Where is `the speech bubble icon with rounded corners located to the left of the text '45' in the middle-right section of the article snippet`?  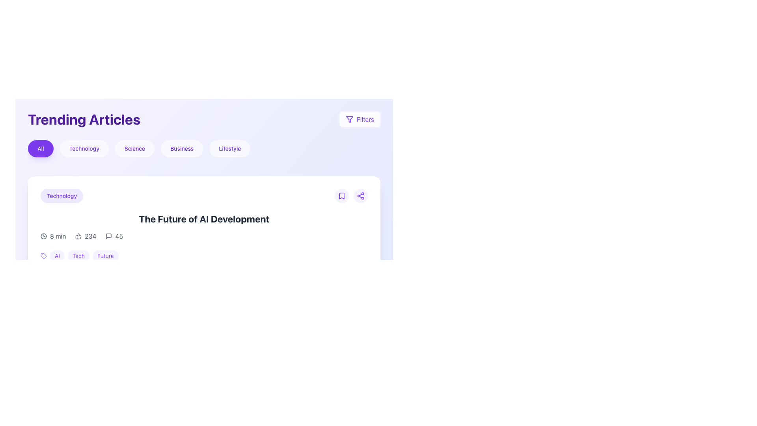 the speech bubble icon with rounded corners located to the left of the text '45' in the middle-right section of the article snippet is located at coordinates (108, 235).